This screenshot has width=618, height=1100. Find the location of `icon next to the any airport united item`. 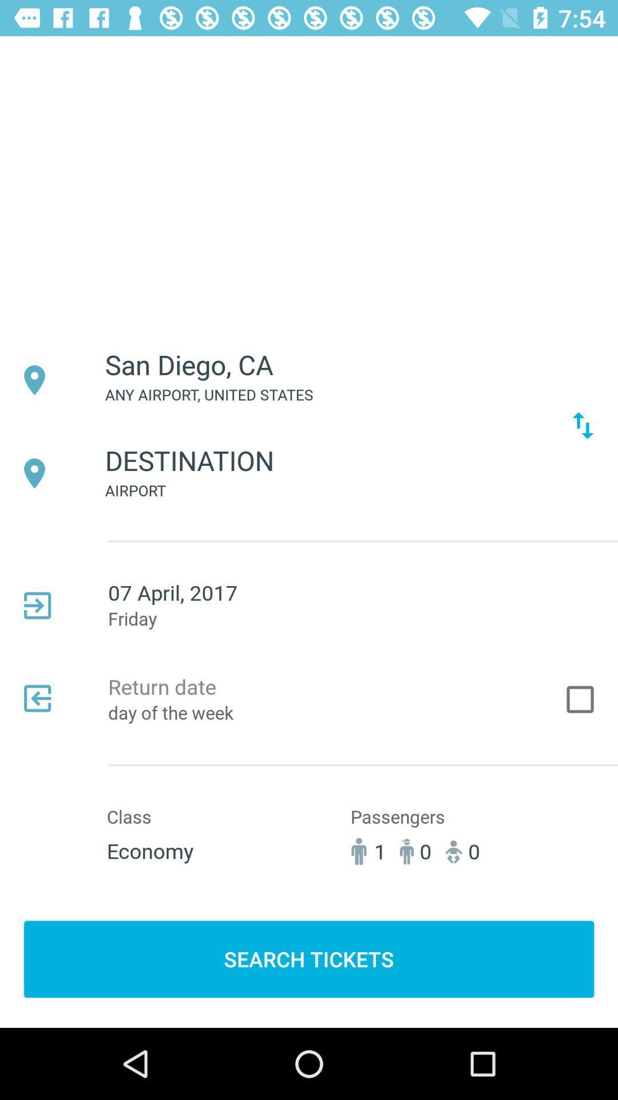

icon next to the any airport united item is located at coordinates (583, 425).